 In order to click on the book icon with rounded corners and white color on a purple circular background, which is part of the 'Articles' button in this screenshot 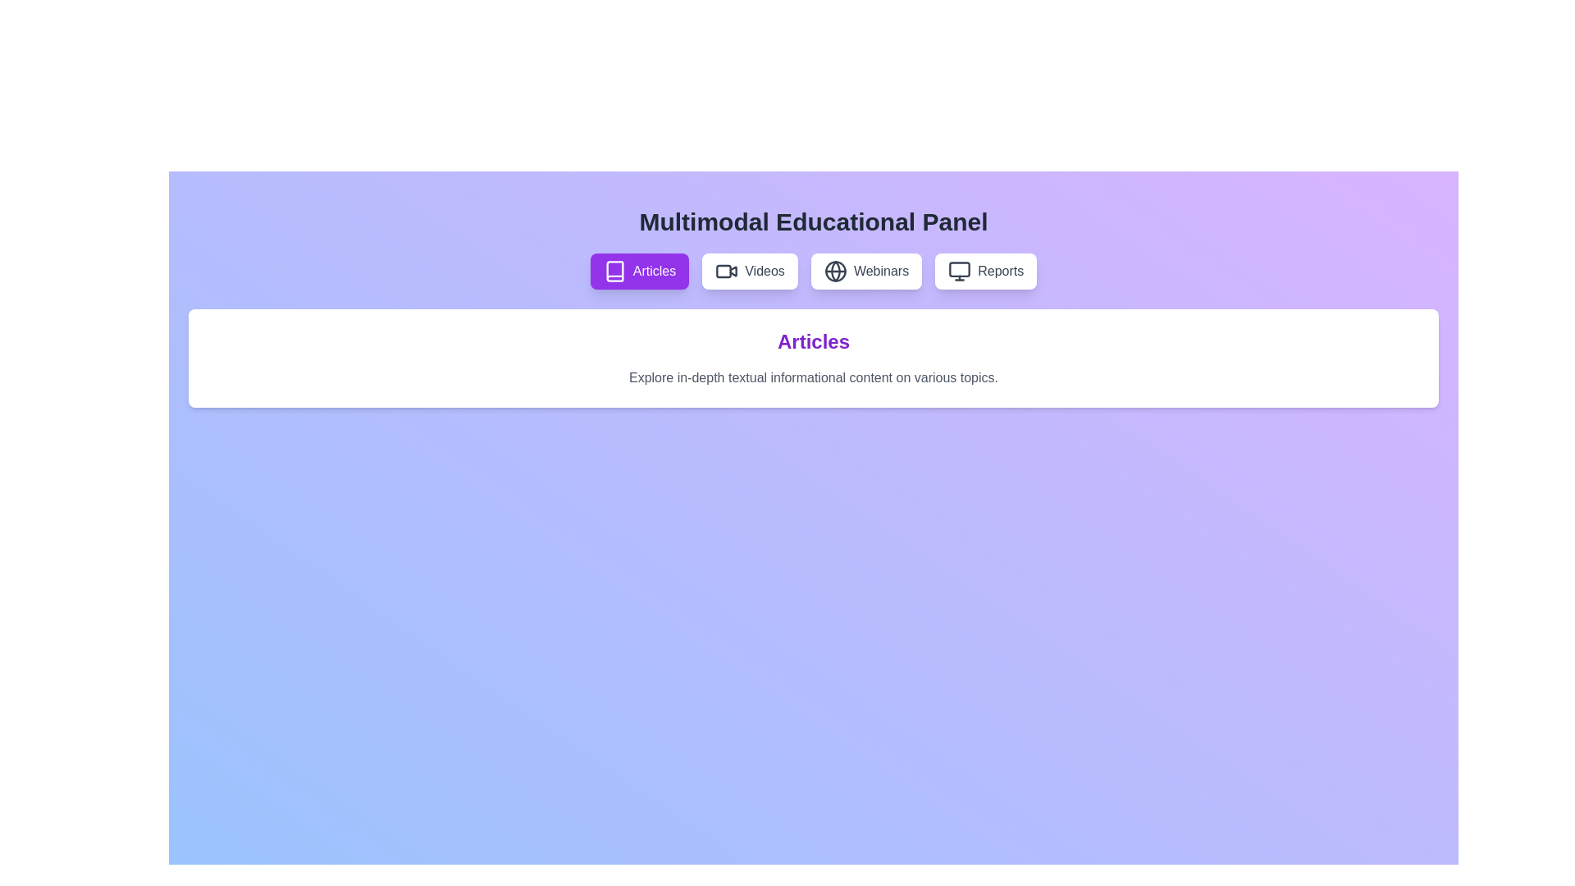, I will do `click(614, 271)`.